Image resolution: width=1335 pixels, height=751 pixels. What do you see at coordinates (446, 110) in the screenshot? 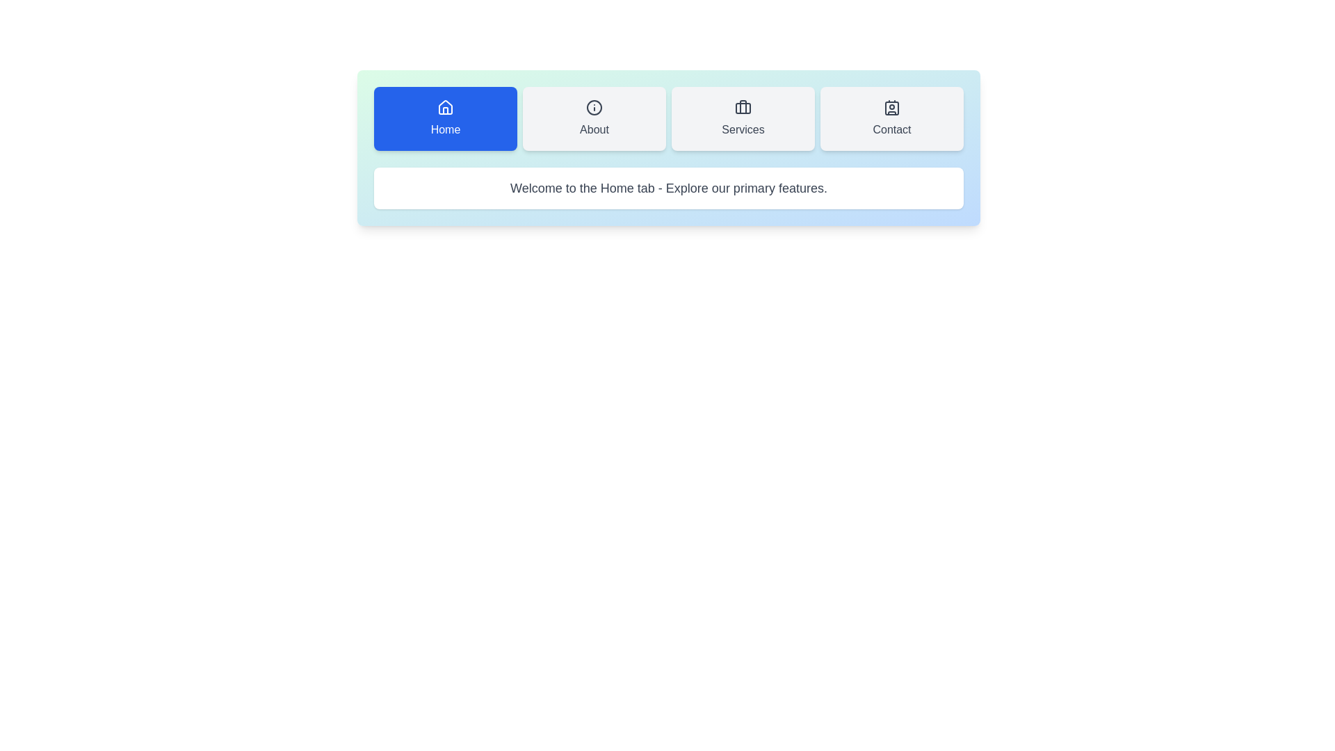
I see `the 'Home' button in the navigation bar, which contains a decorative house icon styled as an SVG with sharp lines and a blue background` at bounding box center [446, 110].